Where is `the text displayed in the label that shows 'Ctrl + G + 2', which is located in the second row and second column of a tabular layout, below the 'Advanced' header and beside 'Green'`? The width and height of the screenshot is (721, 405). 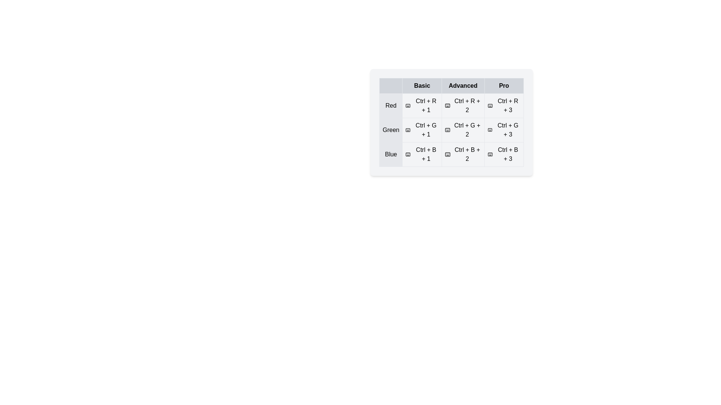
the text displayed in the label that shows 'Ctrl + G + 2', which is located in the second row and second column of a tabular layout, below the 'Advanced' header and beside 'Green' is located at coordinates (451, 130).